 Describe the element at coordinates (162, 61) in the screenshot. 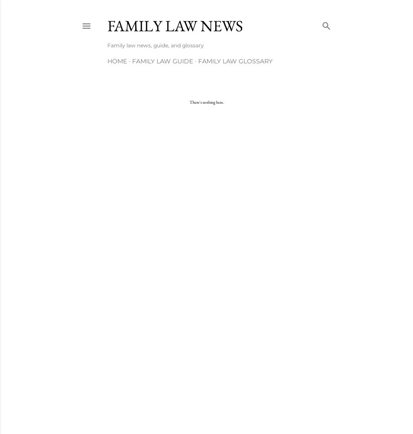

I see `'Family Law Guide'` at that location.